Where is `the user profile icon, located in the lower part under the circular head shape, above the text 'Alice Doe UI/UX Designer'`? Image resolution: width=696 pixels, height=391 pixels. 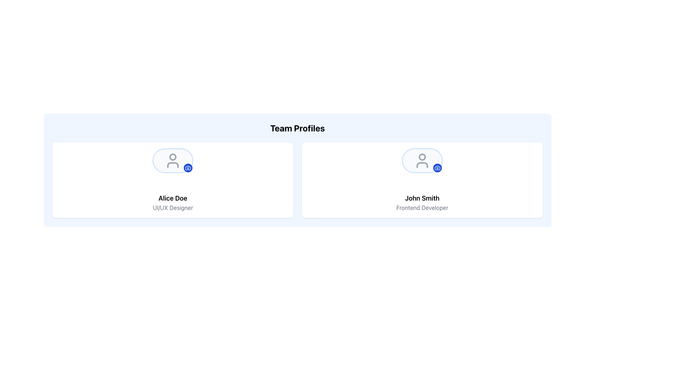
the user profile icon, located in the lower part under the circular head shape, above the text 'Alice Doe UI/UX Designer' is located at coordinates (172, 165).